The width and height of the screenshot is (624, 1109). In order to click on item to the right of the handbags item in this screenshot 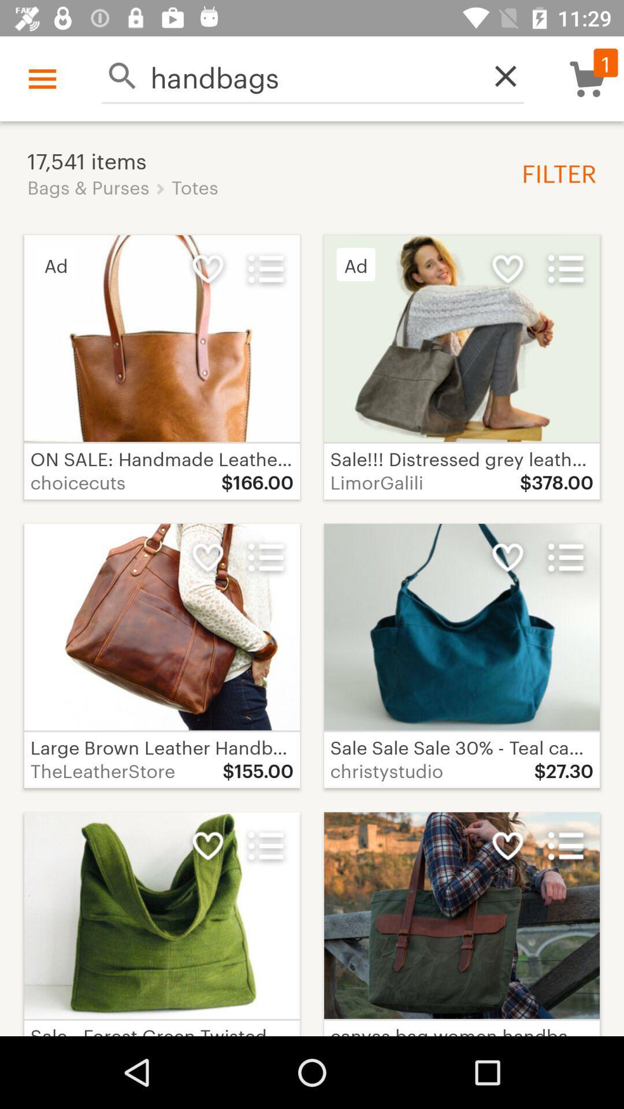, I will do `click(499, 75)`.